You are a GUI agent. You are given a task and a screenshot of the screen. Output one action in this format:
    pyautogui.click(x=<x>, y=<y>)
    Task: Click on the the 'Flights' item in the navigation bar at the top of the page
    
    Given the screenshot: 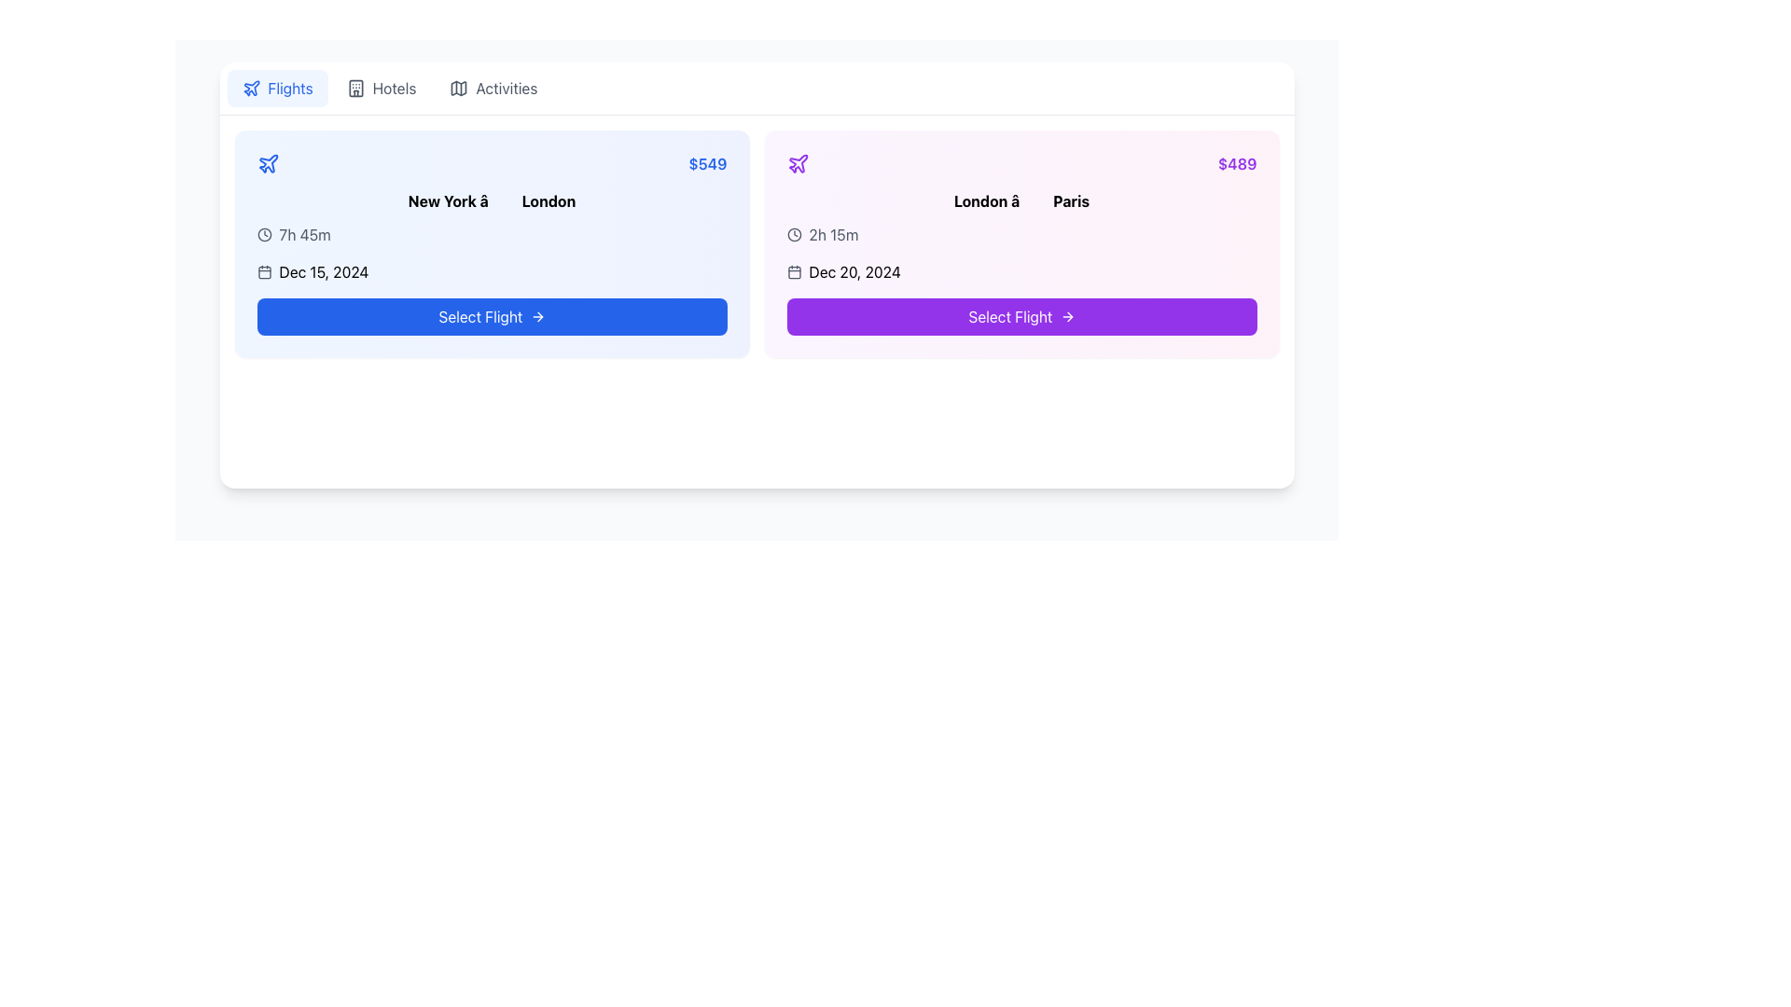 What is the action you would take?
    pyautogui.click(x=757, y=89)
    